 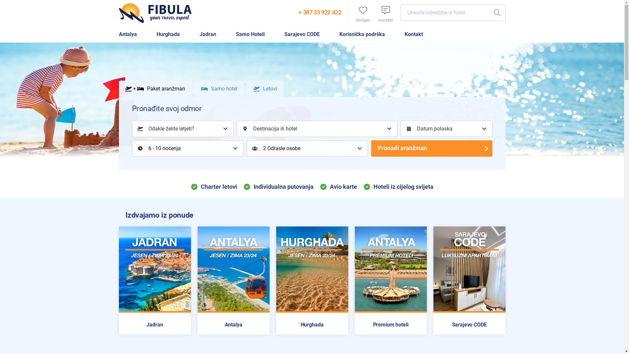 What do you see at coordinates (362, 13) in the screenshot?
I see `'Omiljeni'` at bounding box center [362, 13].